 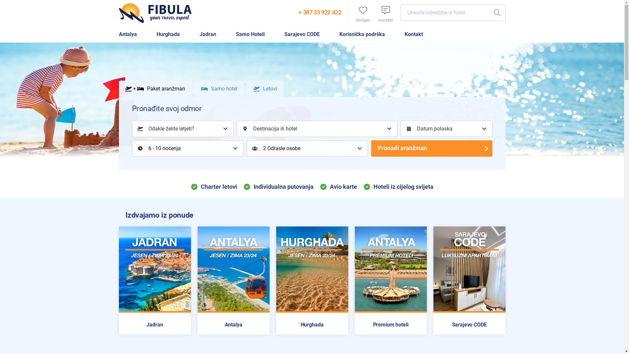 What do you see at coordinates (362, 13) in the screenshot?
I see `'Omiljeni'` at bounding box center [362, 13].